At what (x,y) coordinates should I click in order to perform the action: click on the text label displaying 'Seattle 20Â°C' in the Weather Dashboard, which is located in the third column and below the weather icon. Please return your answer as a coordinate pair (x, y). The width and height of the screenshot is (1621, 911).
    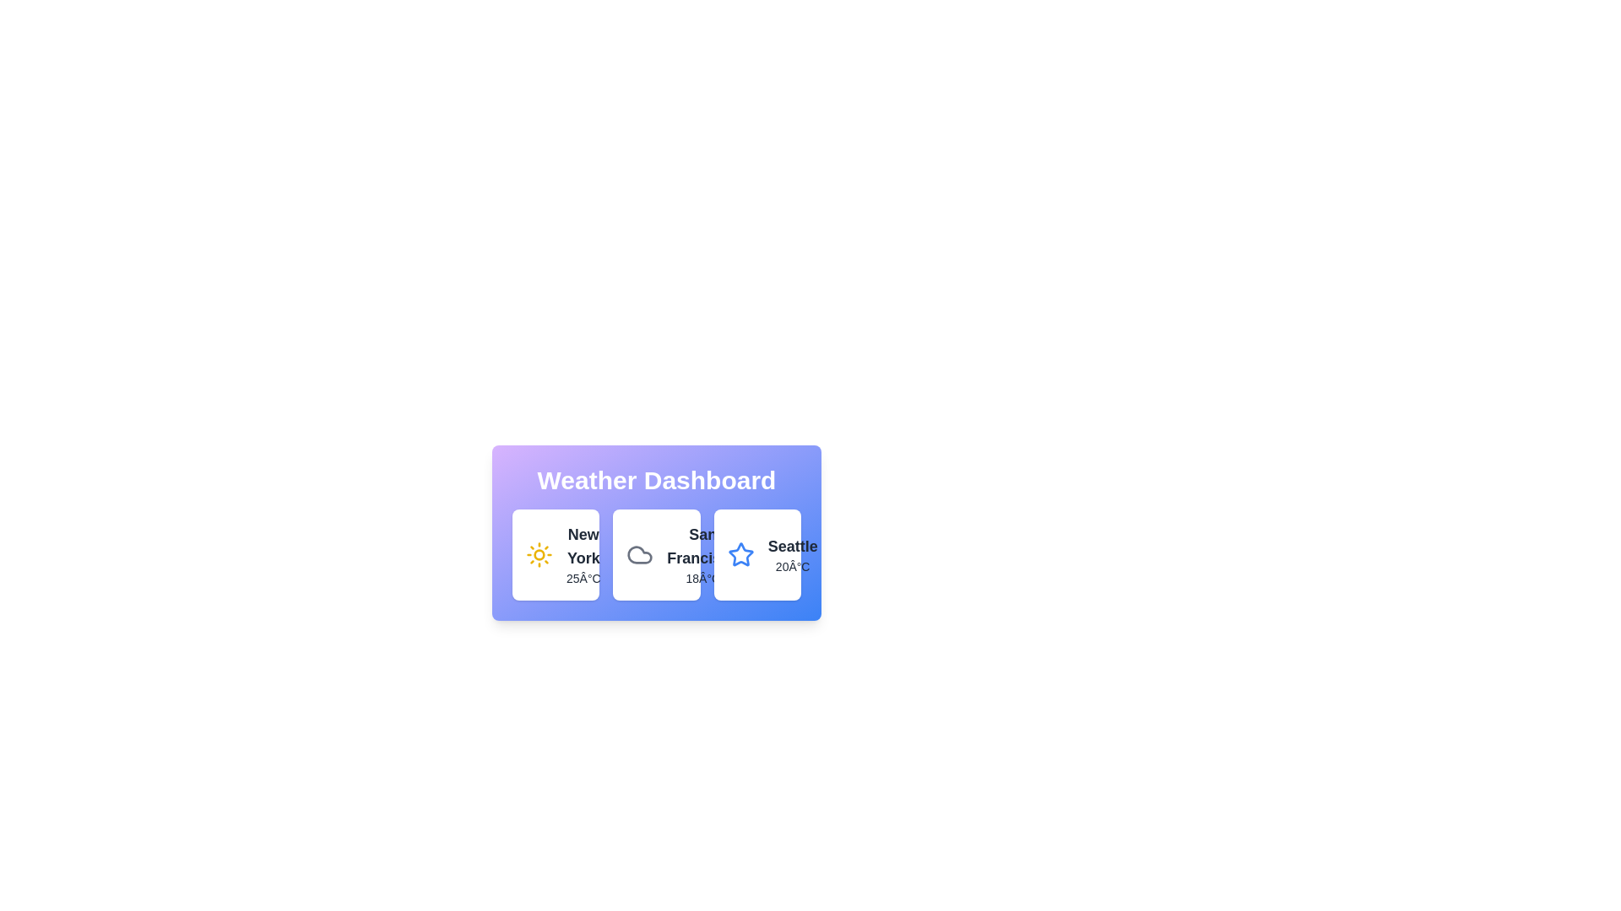
    Looking at the image, I should click on (792, 555).